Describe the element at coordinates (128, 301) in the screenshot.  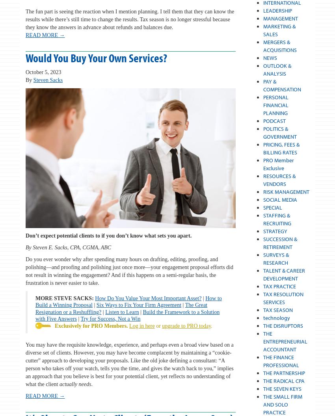
I see `'How to Build a Winning Proposal'` at that location.